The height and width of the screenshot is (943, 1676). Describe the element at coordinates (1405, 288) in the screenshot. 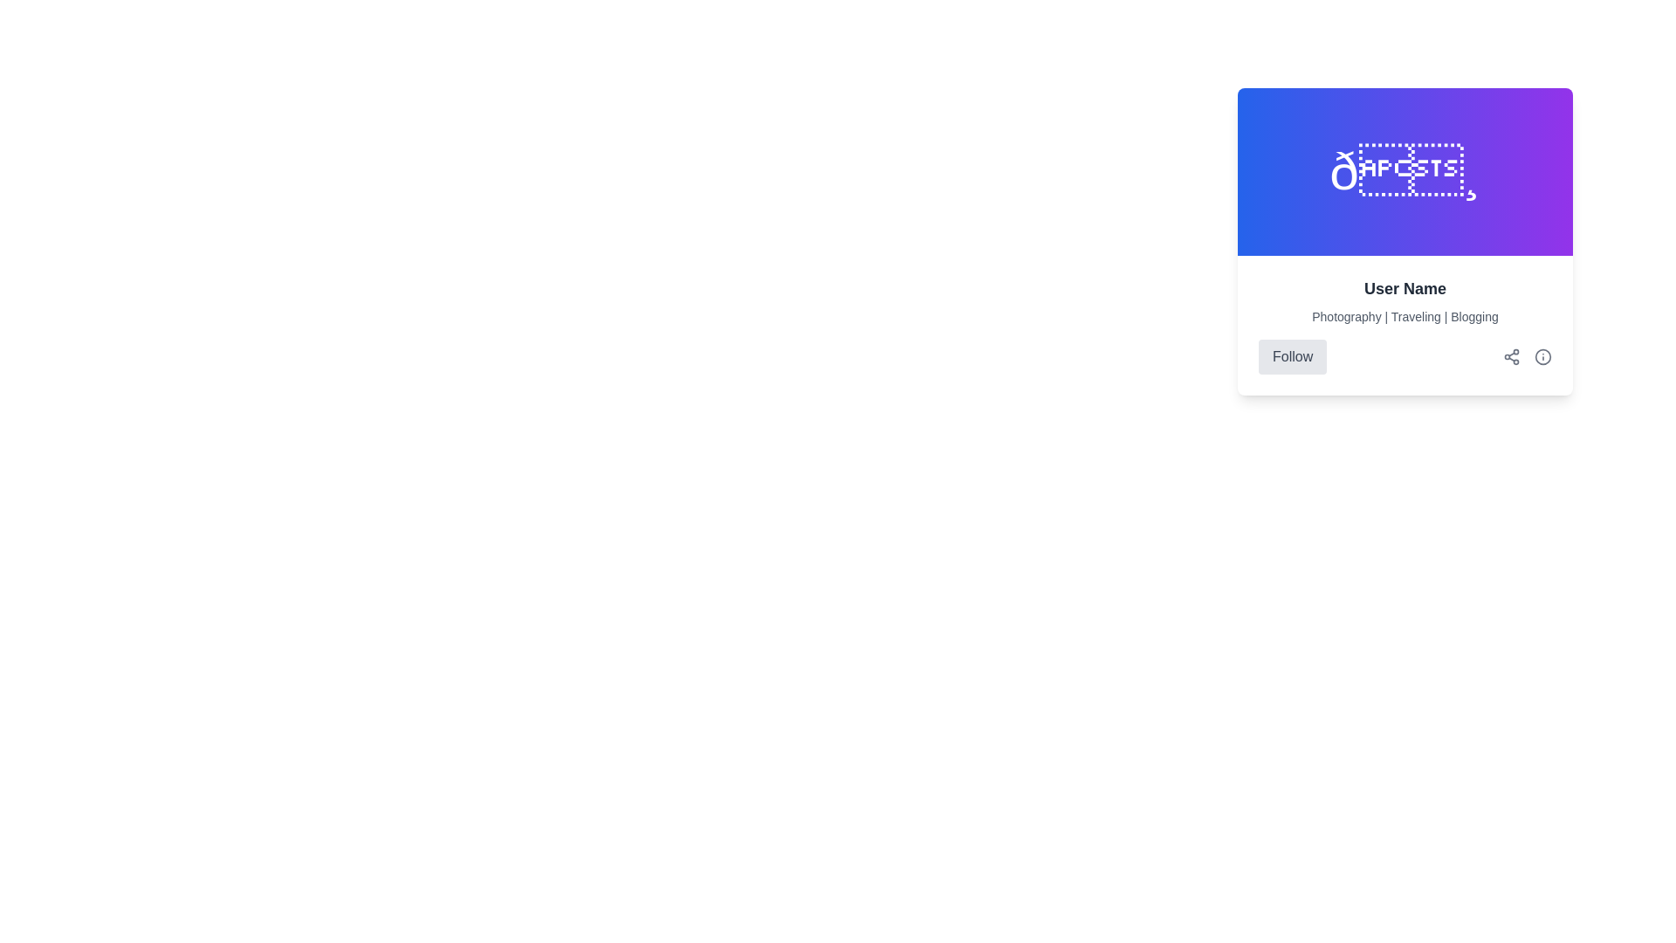

I see `the bold, large-sized text 'User Name' which is styled with dark gray color and located at the top-center of the card component` at that location.